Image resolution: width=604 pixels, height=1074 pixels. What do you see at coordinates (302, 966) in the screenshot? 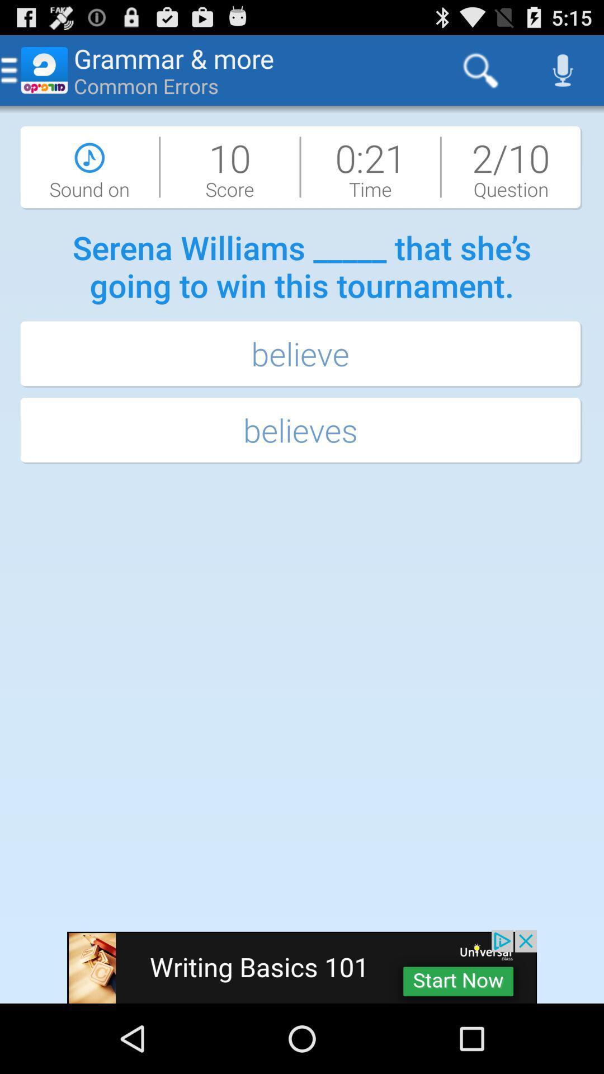
I see `open advertisement` at bounding box center [302, 966].